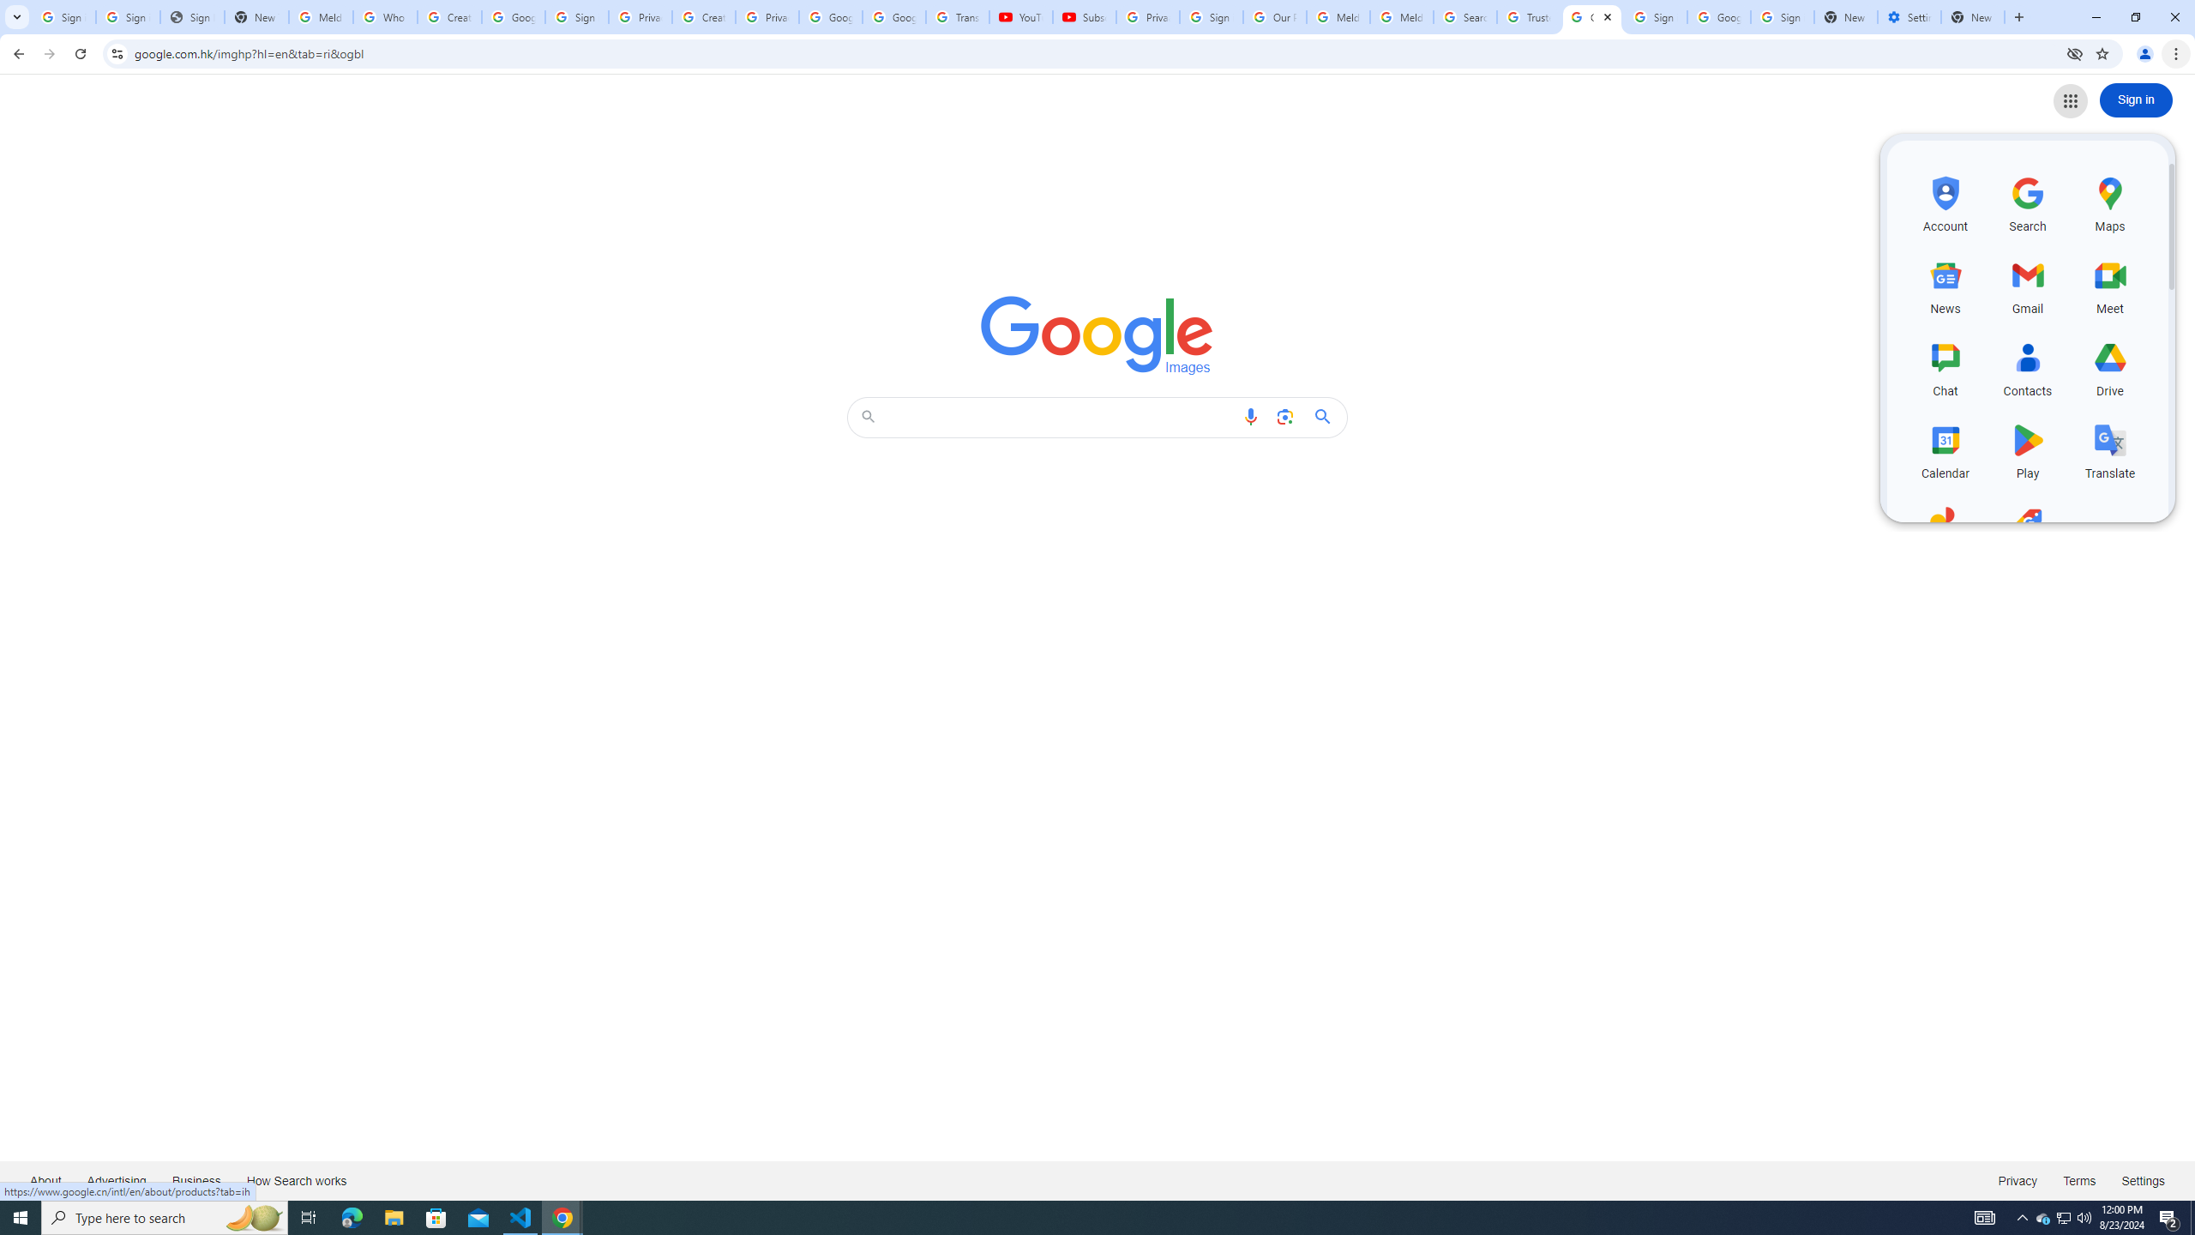 This screenshot has height=1235, width=2195. Describe the element at coordinates (1212, 16) in the screenshot. I see `'Sign in - Google Accounts'` at that location.